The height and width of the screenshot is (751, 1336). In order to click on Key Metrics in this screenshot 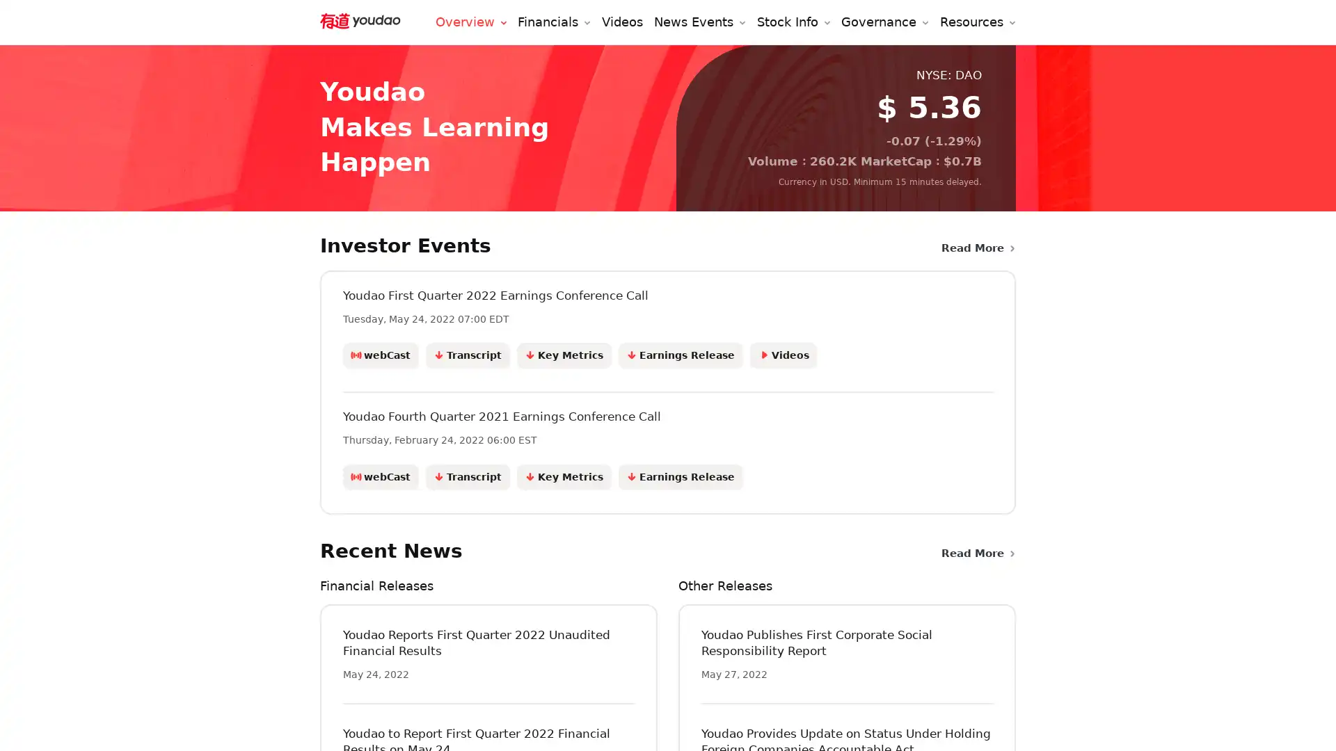, I will do `click(564, 355)`.